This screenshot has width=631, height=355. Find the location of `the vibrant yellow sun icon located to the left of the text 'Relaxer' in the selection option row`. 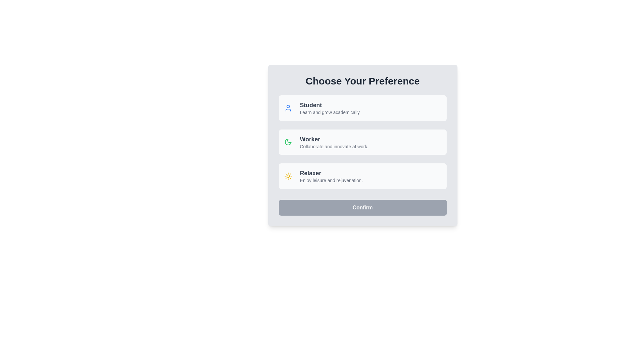

the vibrant yellow sun icon located to the left of the text 'Relaxer' in the selection option row is located at coordinates (288, 176).